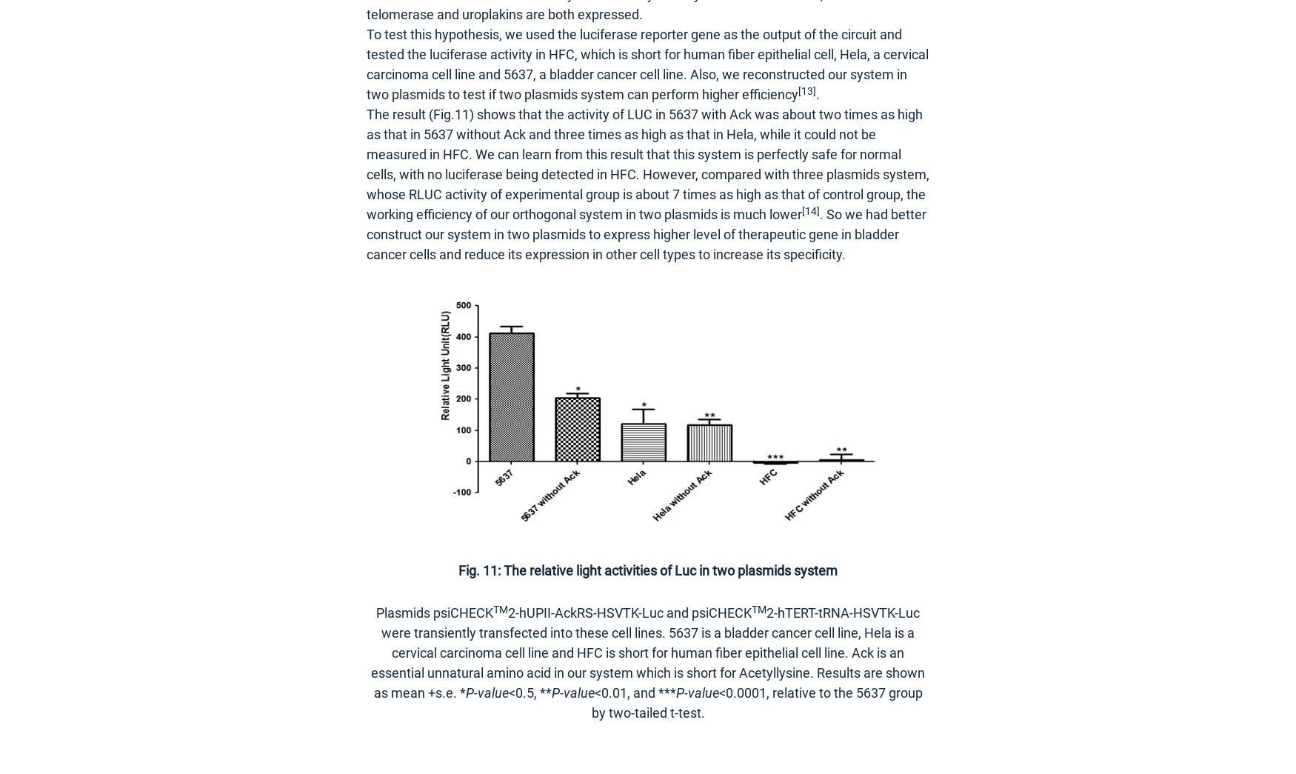 The height and width of the screenshot is (774, 1296). I want to click on '[14]', so click(810, 210).